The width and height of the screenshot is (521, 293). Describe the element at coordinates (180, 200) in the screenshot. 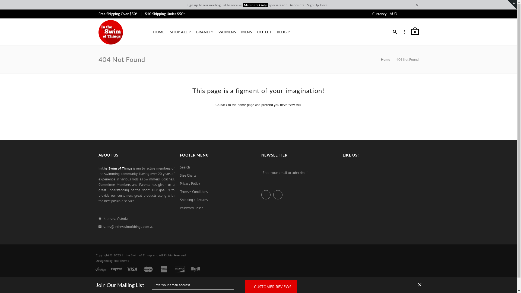

I see `'Shipping + Returns'` at that location.